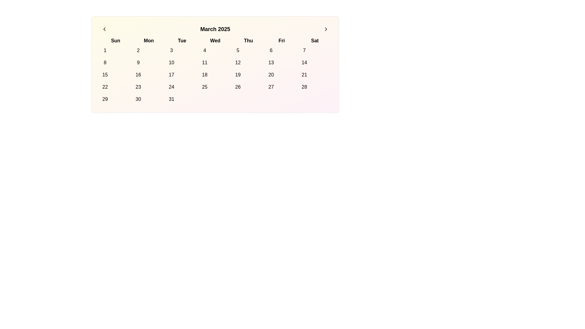 Image resolution: width=585 pixels, height=329 pixels. What do you see at coordinates (271, 87) in the screenshot?
I see `the selectable day button for the 27th in the calendar view` at bounding box center [271, 87].